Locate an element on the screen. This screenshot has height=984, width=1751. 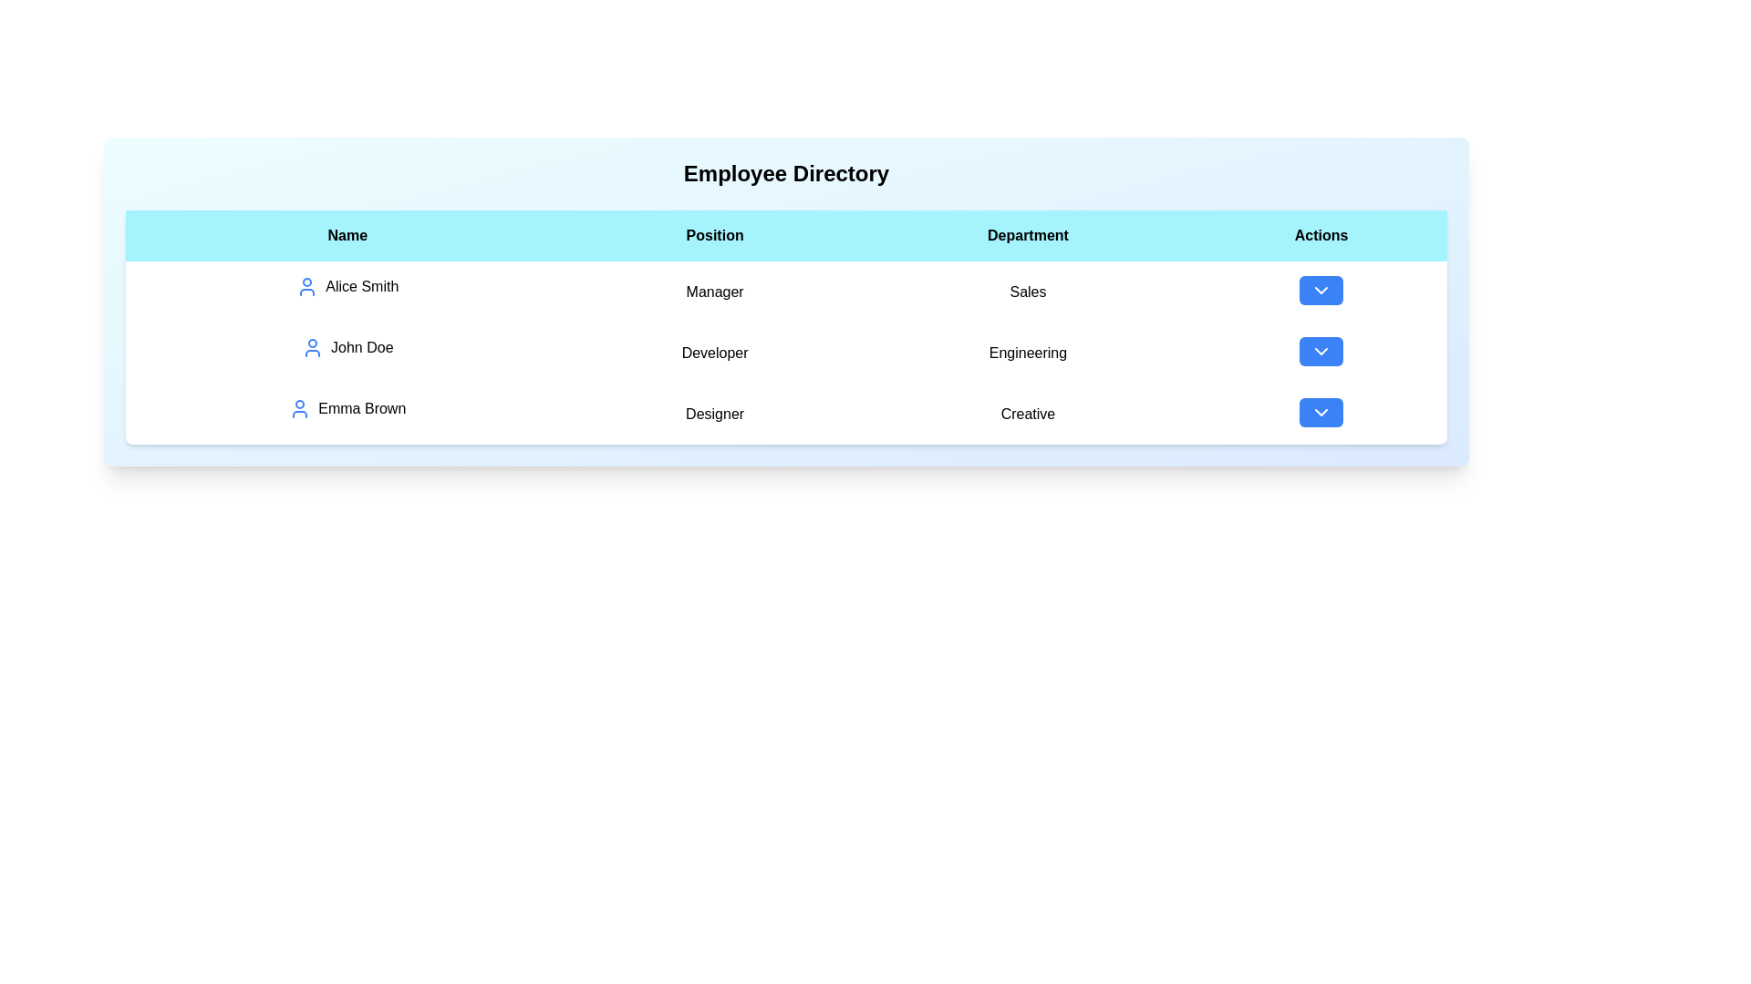
the downward-pointing chevron icon within the blue button in the 'Actions' column for the row labeled 'John Doe' is located at coordinates (1321, 351).